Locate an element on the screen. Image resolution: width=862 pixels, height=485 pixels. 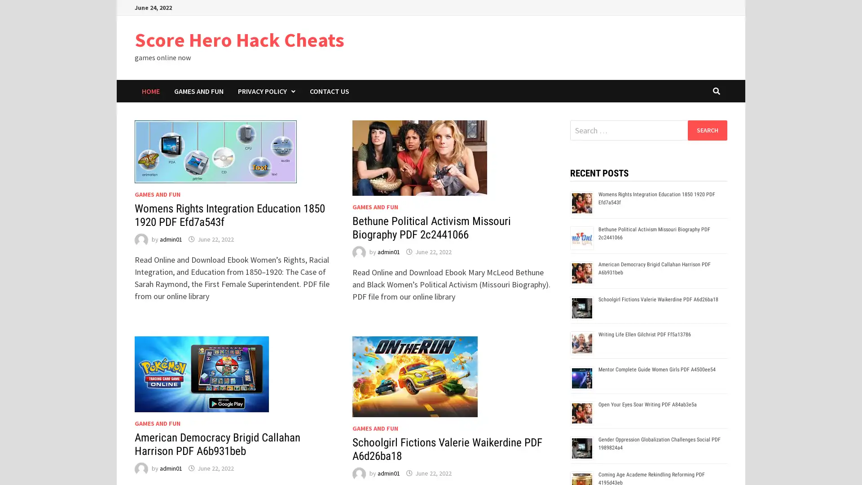
Search is located at coordinates (707, 130).